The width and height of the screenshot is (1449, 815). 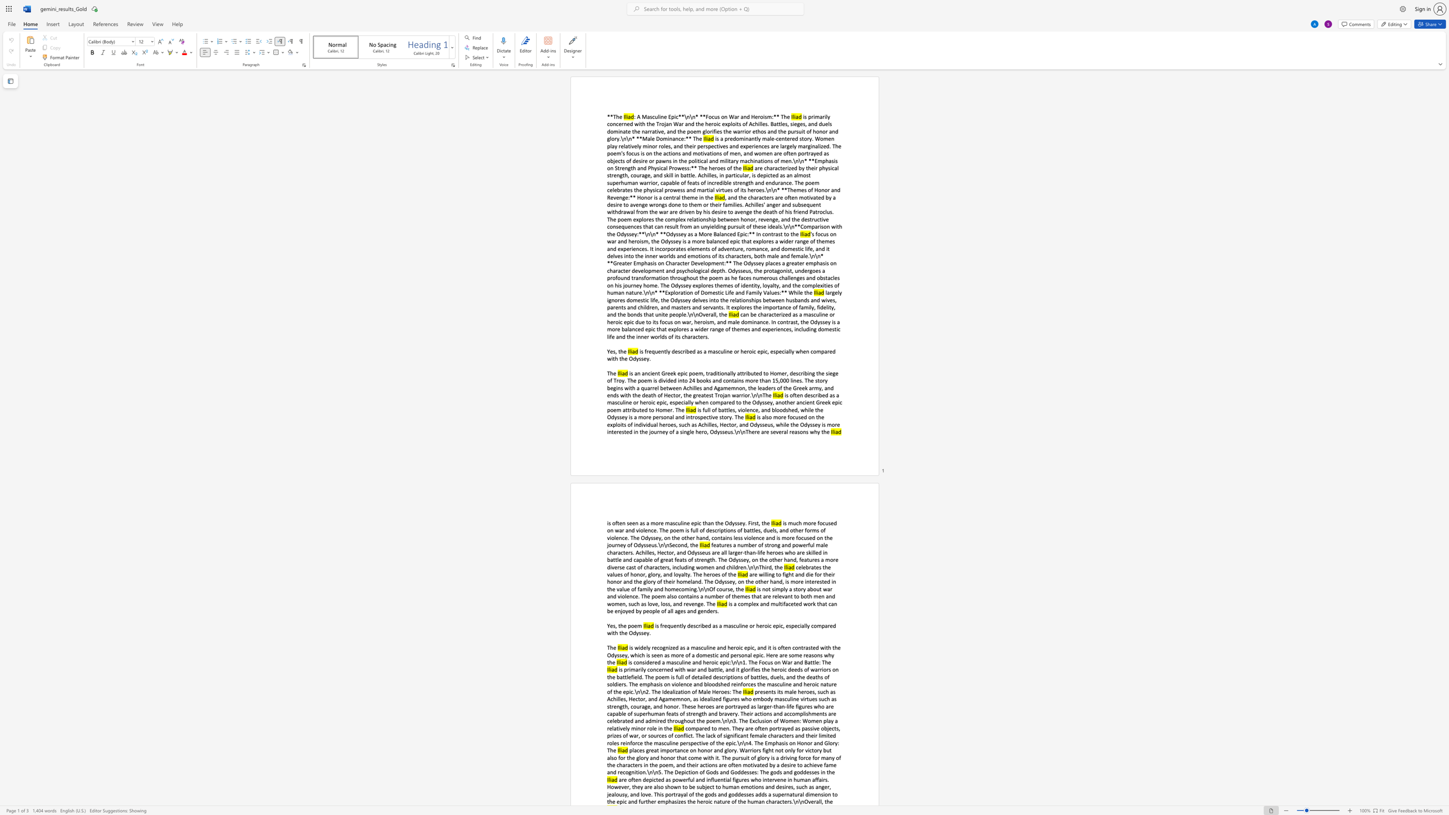 What do you see at coordinates (693, 625) in the screenshot?
I see `the subset text "scribed as a ma" within the text "is frequently described as a masculine or heroic epic, especially compared with the Odyssey."` at bounding box center [693, 625].